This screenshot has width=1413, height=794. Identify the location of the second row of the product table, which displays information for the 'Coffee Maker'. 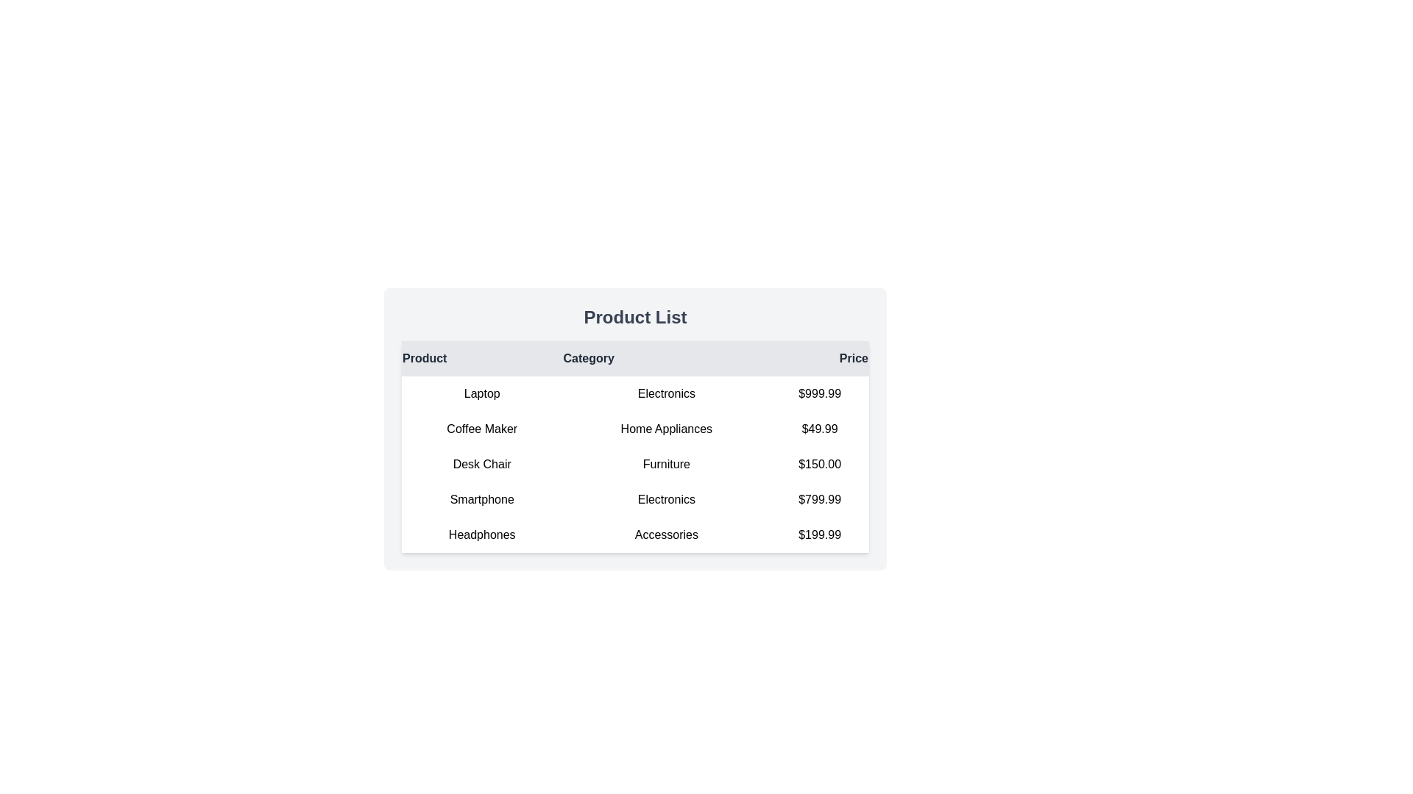
(635, 429).